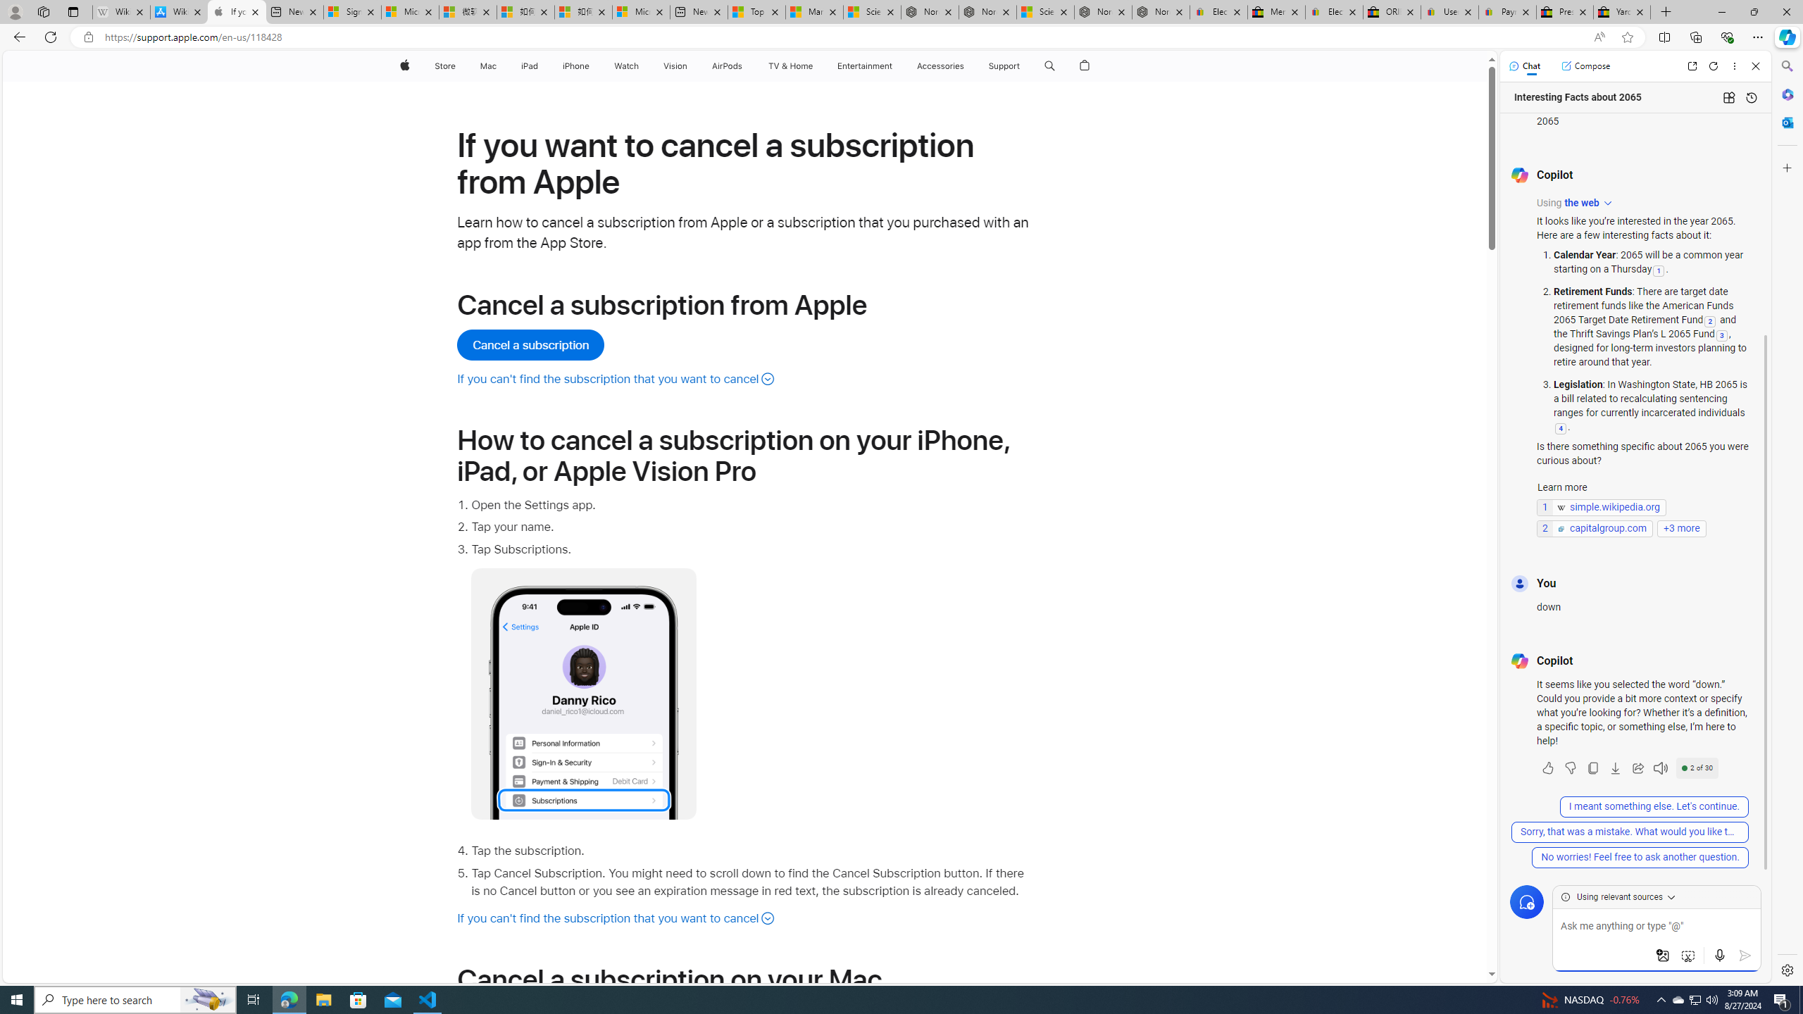  Describe the element at coordinates (726, 65) in the screenshot. I see `'AirPods'` at that location.